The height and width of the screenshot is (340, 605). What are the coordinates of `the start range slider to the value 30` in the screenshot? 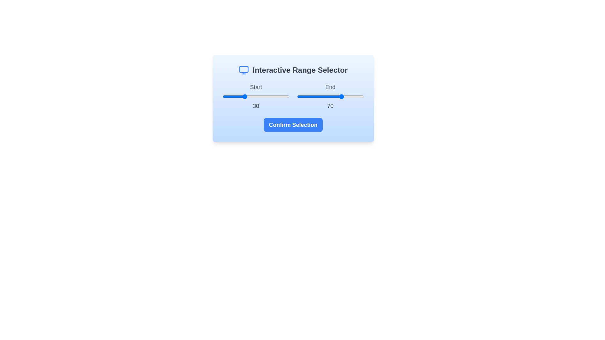 It's located at (242, 97).